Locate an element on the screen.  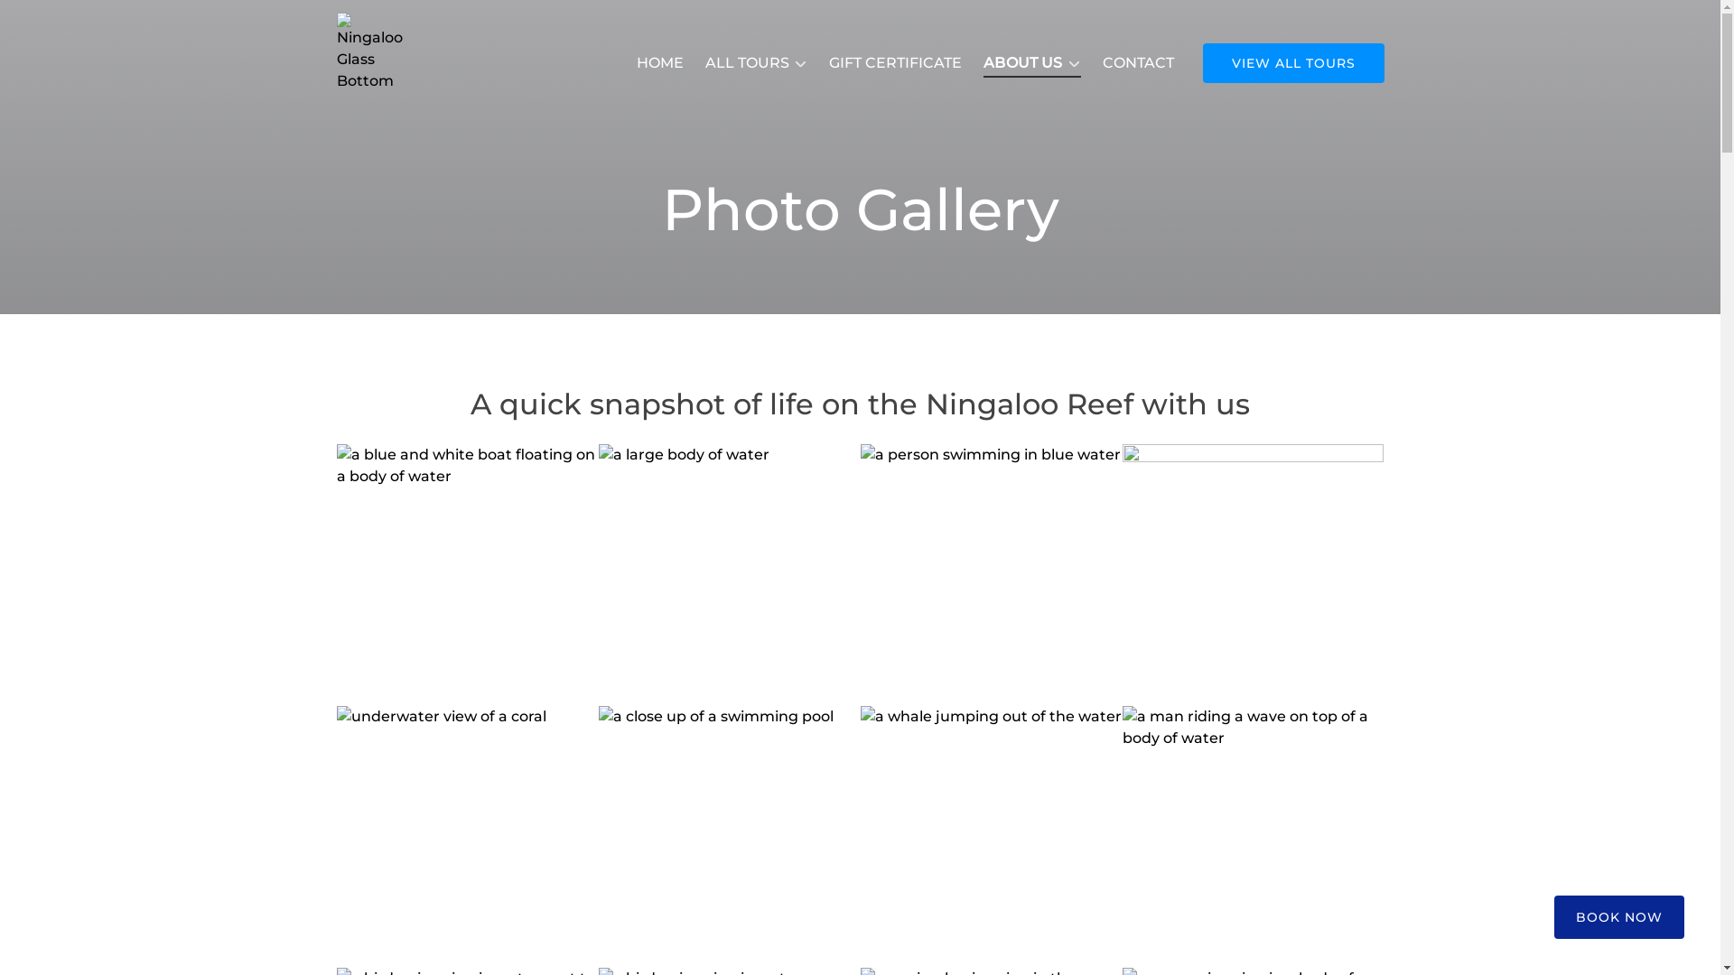
'DCIM100MEDIADJI_0072.JPG' is located at coordinates (728, 836).